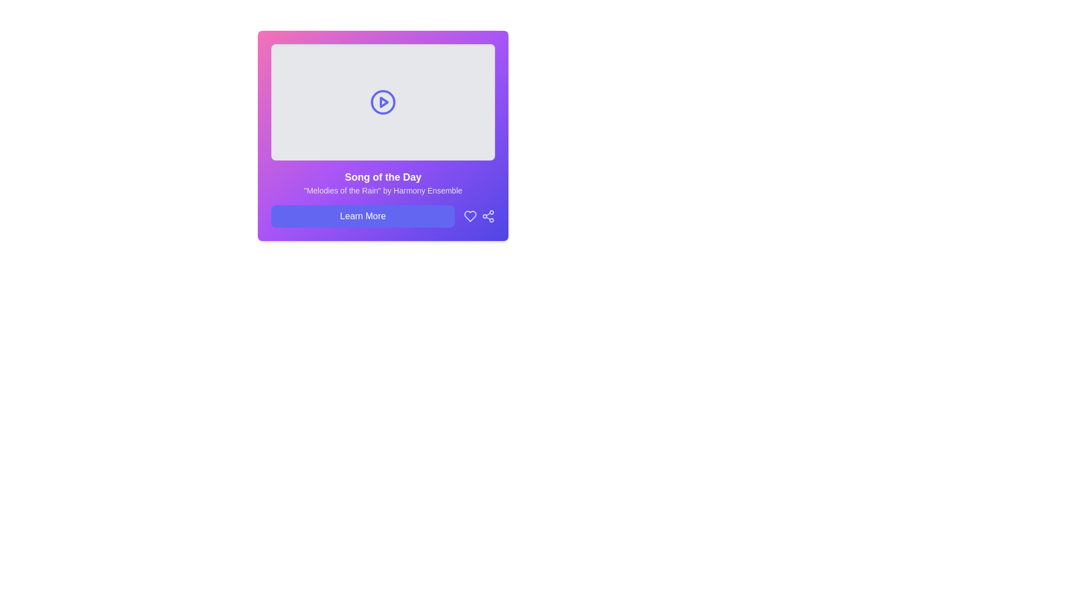  Describe the element at coordinates (470, 216) in the screenshot. I see `the heart-shaped button styled in light indigo color` at that location.